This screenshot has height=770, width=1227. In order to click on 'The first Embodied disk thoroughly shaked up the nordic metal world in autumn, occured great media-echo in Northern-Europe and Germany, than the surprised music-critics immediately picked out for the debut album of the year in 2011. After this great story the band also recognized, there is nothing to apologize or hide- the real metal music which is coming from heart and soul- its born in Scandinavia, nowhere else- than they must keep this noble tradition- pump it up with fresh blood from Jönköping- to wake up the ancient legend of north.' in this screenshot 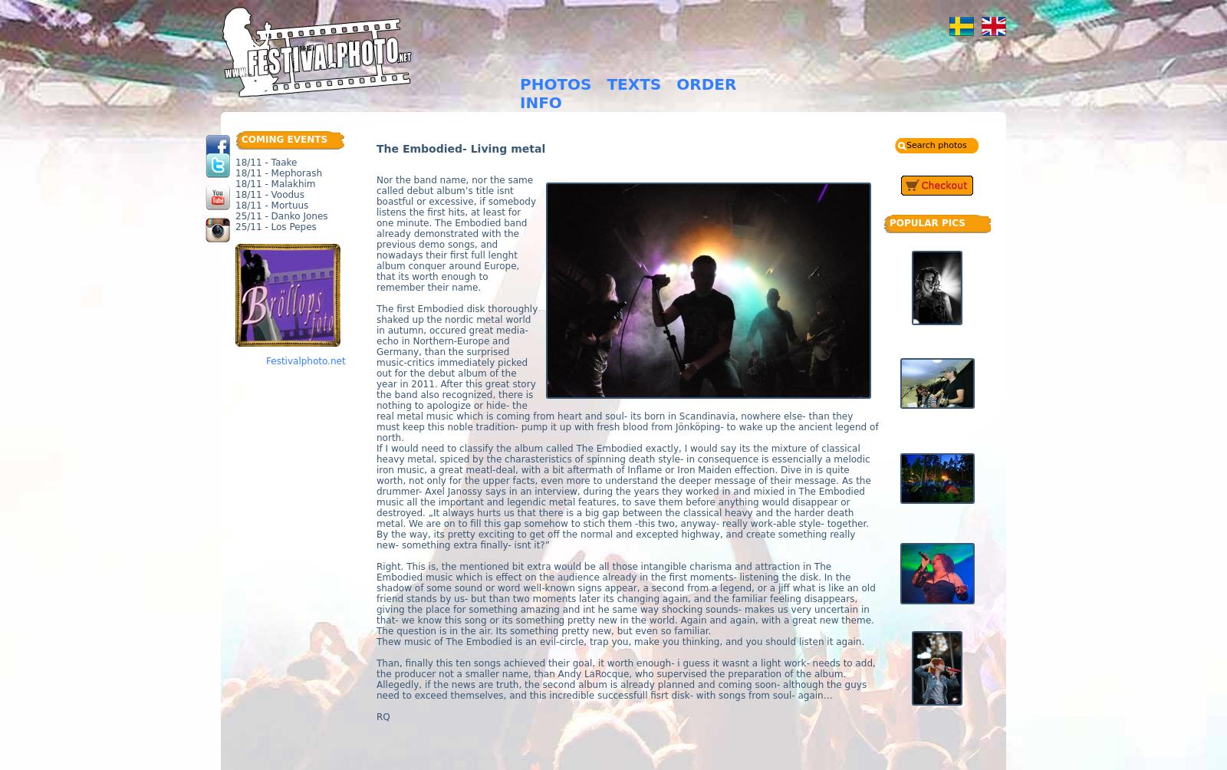, I will do `click(626, 372)`.